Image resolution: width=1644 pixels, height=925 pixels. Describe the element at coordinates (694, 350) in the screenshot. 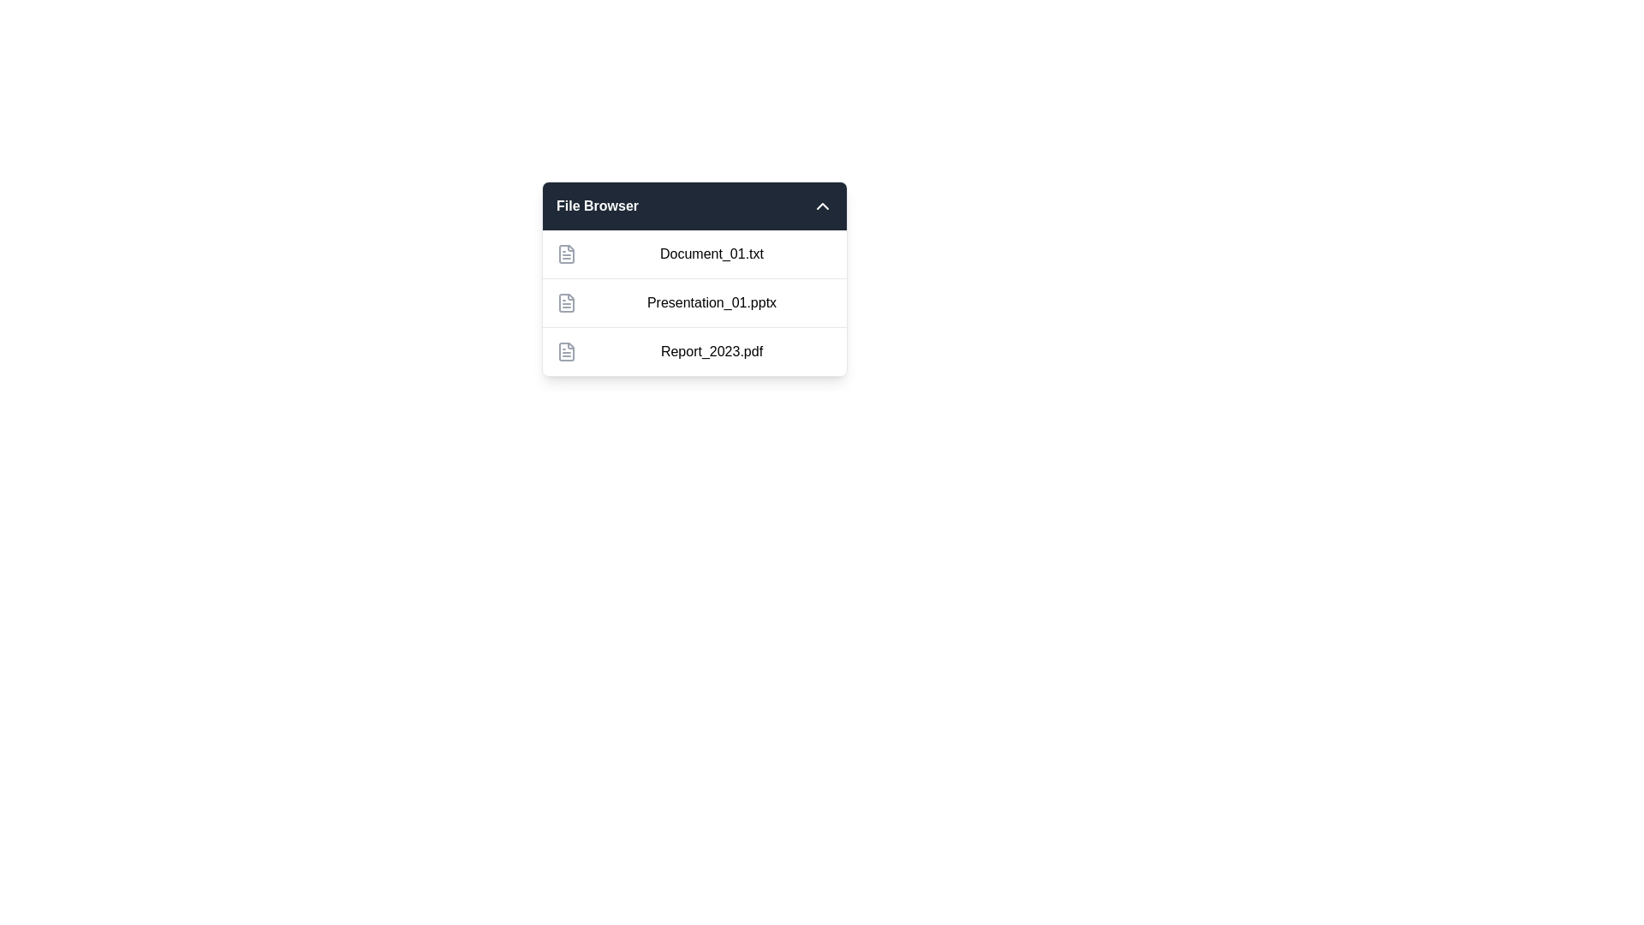

I see `the file Report_2023.pdf from the list` at that location.